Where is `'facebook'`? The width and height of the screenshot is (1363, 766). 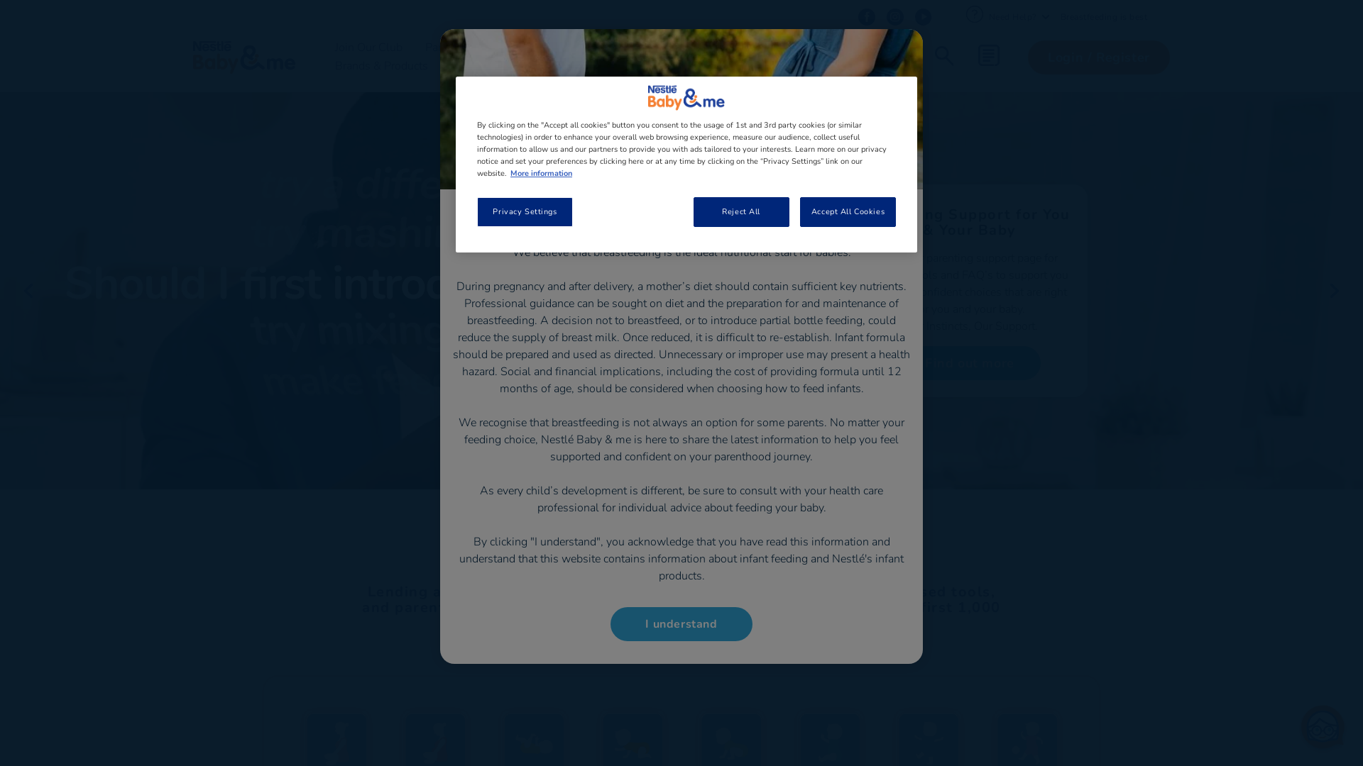
'facebook' is located at coordinates (865, 16).